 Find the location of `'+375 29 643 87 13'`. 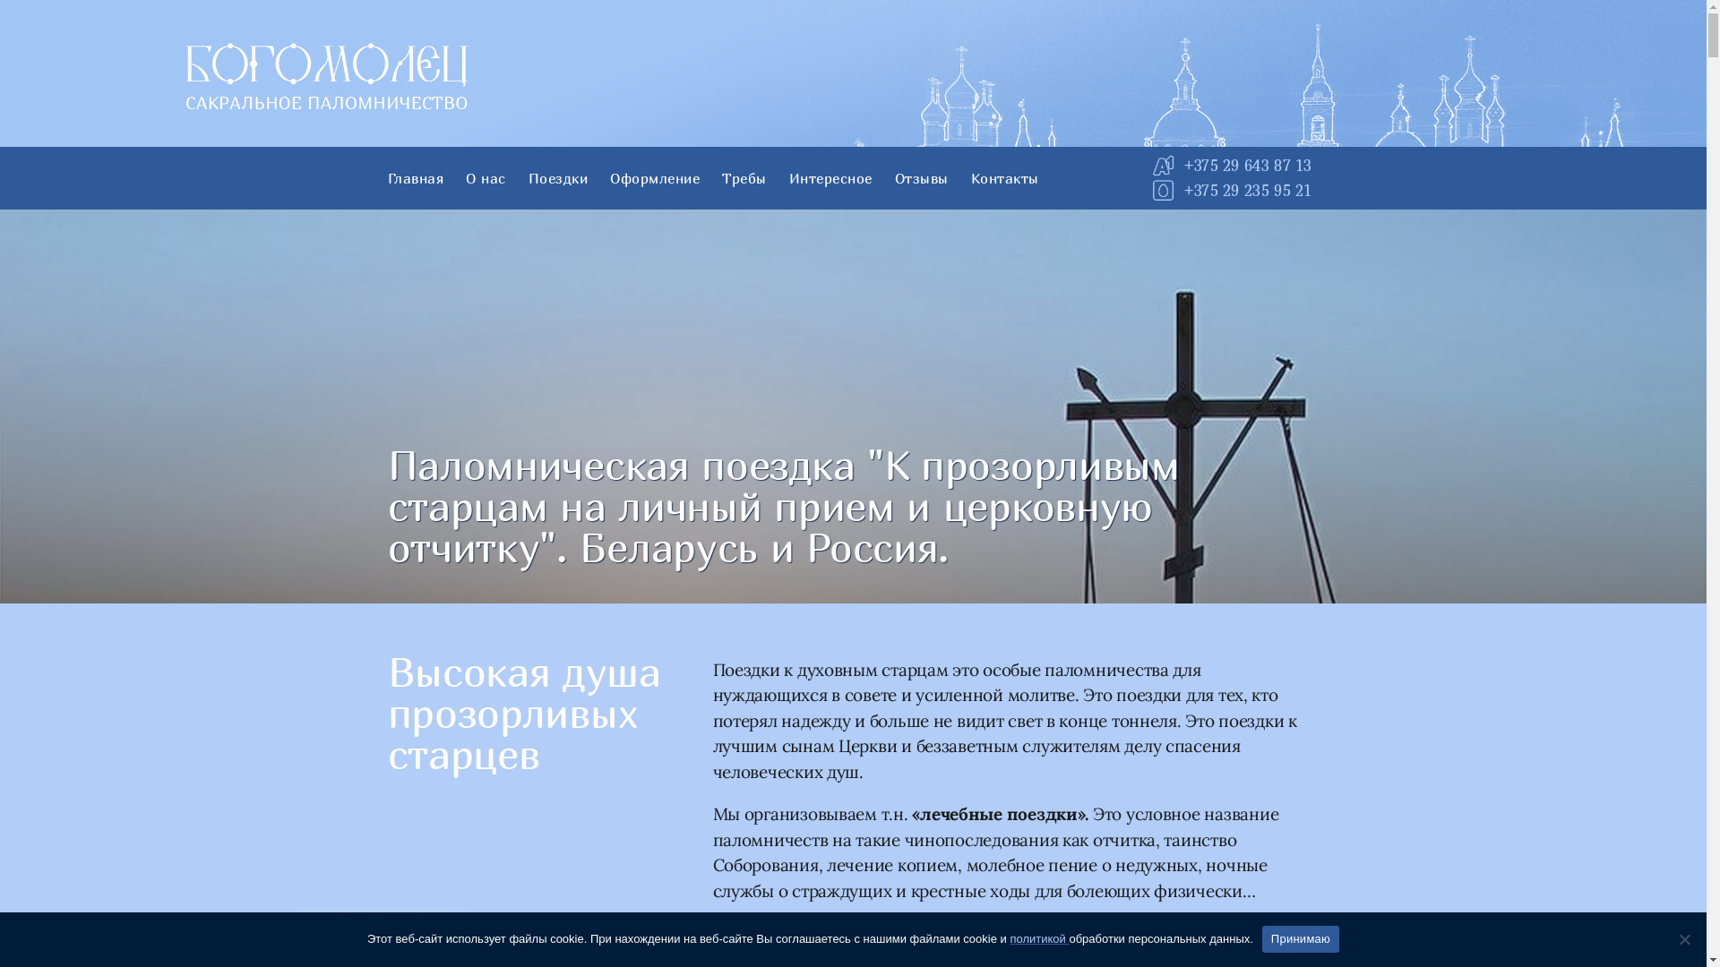

'+375 29 643 87 13' is located at coordinates (1246, 165).